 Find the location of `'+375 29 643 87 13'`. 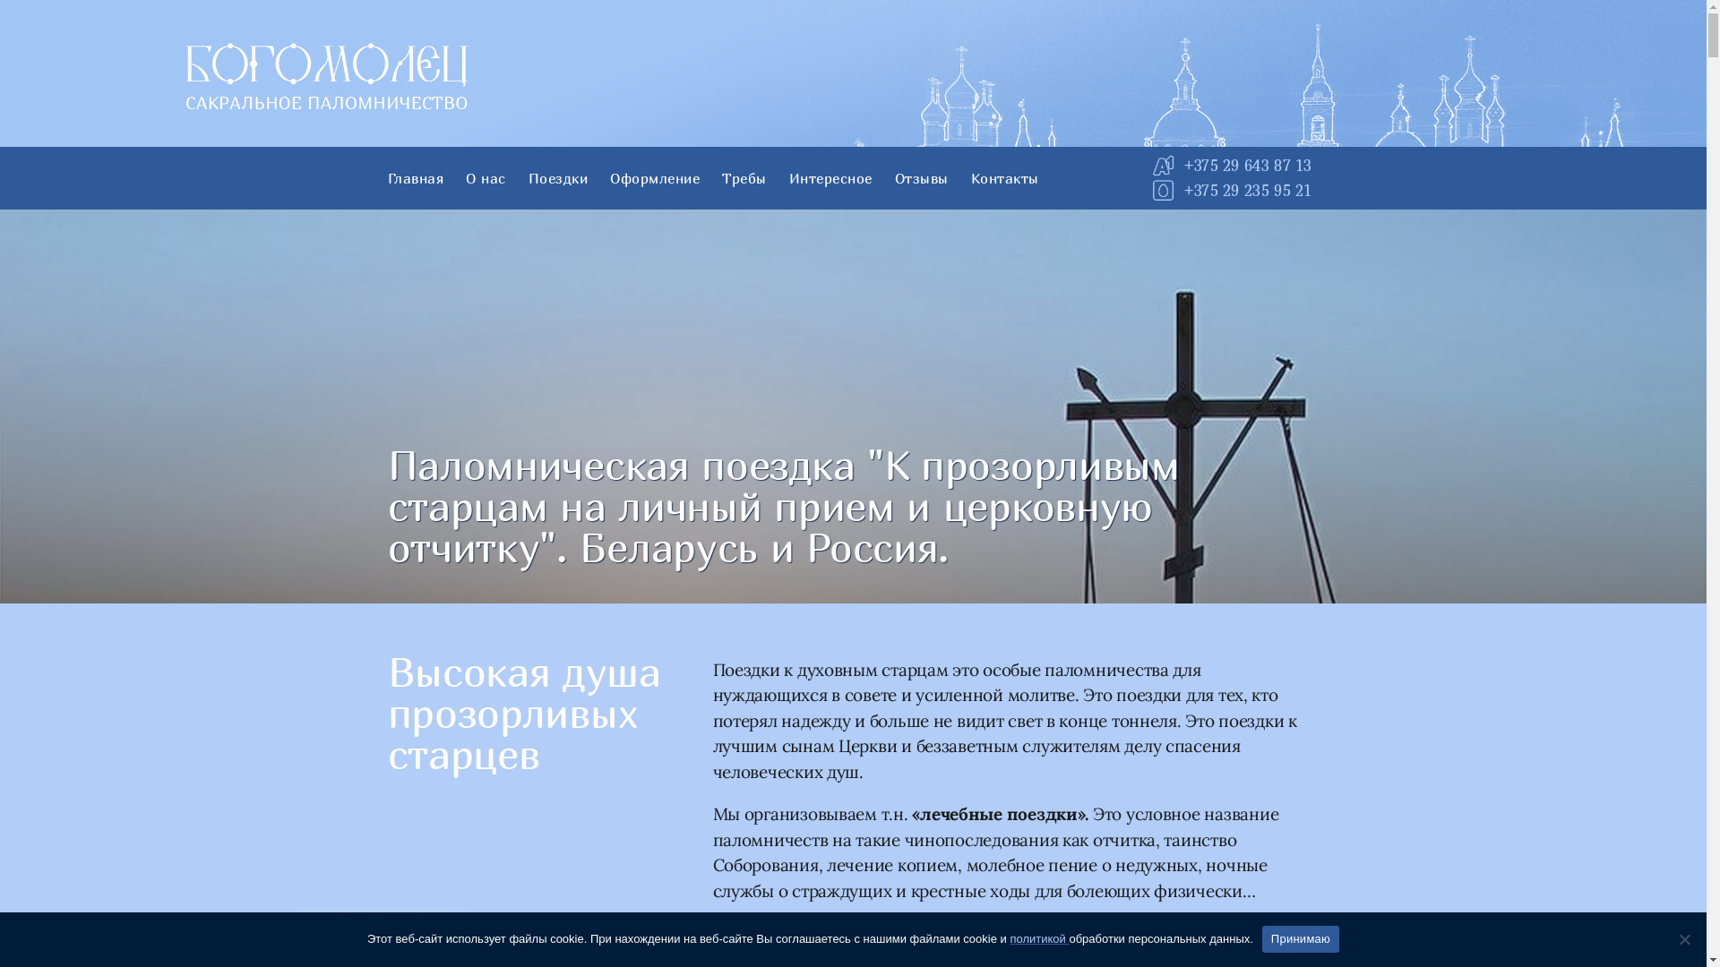

'+375 29 643 87 13' is located at coordinates (1246, 165).